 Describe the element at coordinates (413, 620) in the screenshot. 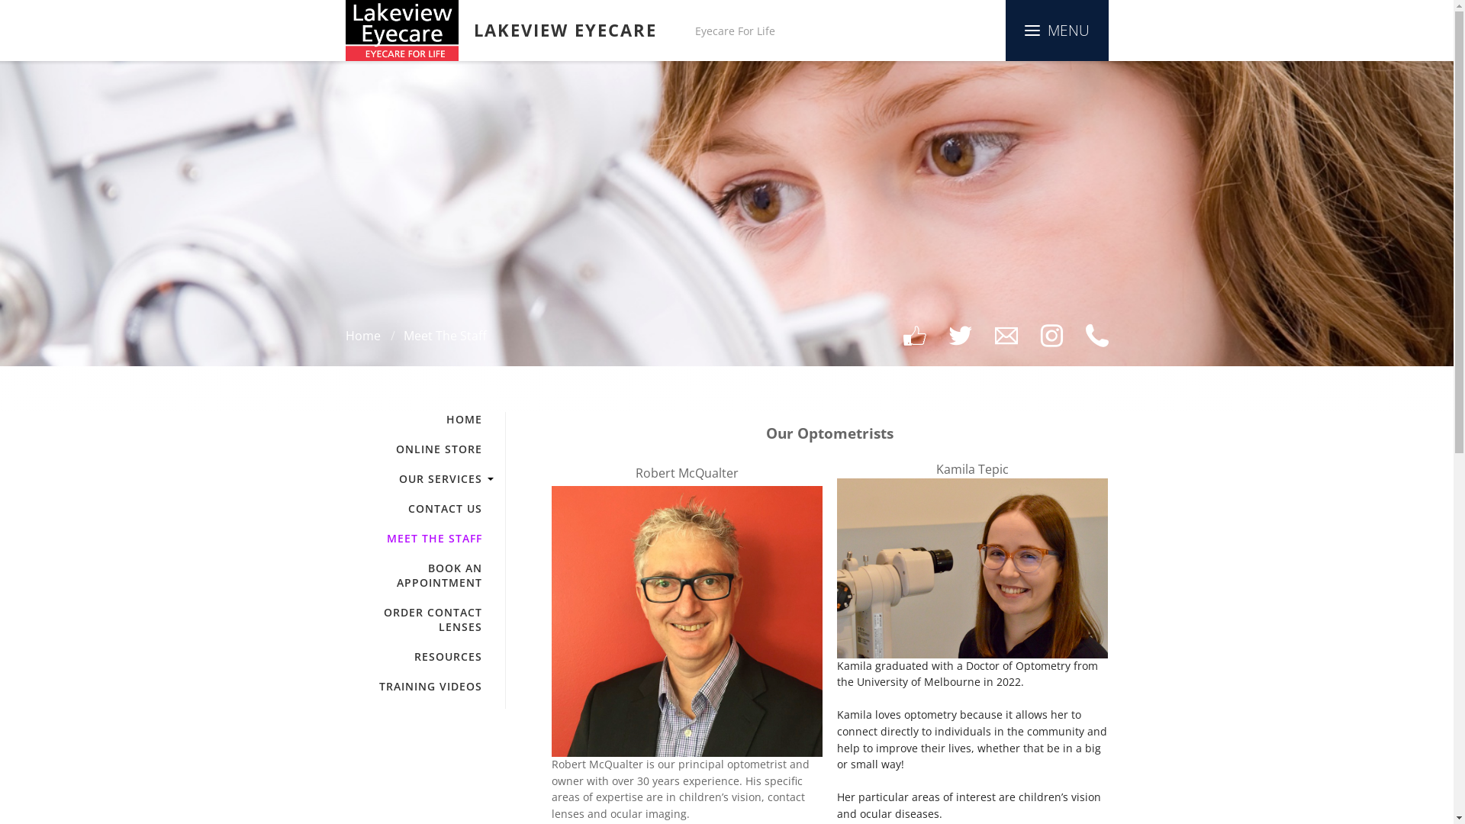

I see `'ORDER CONTACT LENSES'` at that location.